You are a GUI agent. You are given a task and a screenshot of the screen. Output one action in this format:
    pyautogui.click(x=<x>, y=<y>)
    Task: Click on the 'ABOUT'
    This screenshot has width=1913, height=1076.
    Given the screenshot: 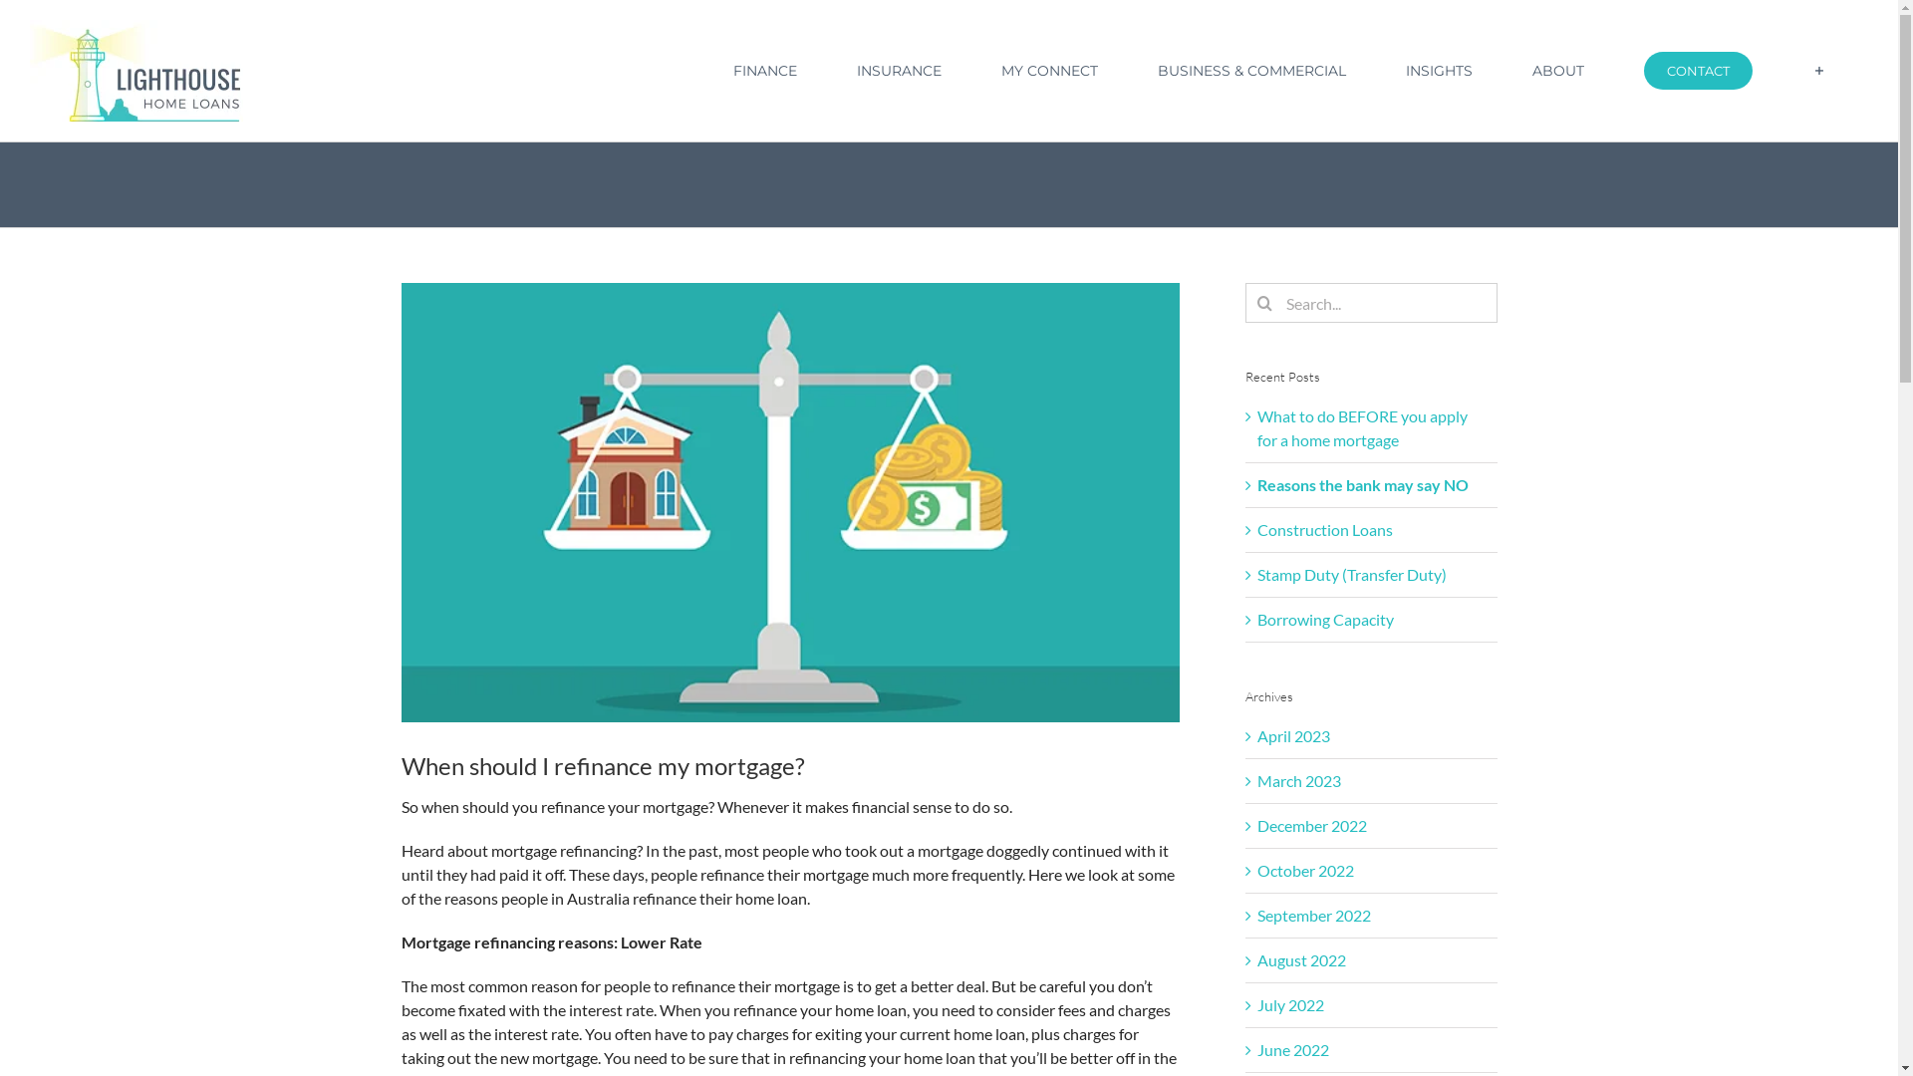 What is the action you would take?
    pyautogui.click(x=1514, y=69)
    